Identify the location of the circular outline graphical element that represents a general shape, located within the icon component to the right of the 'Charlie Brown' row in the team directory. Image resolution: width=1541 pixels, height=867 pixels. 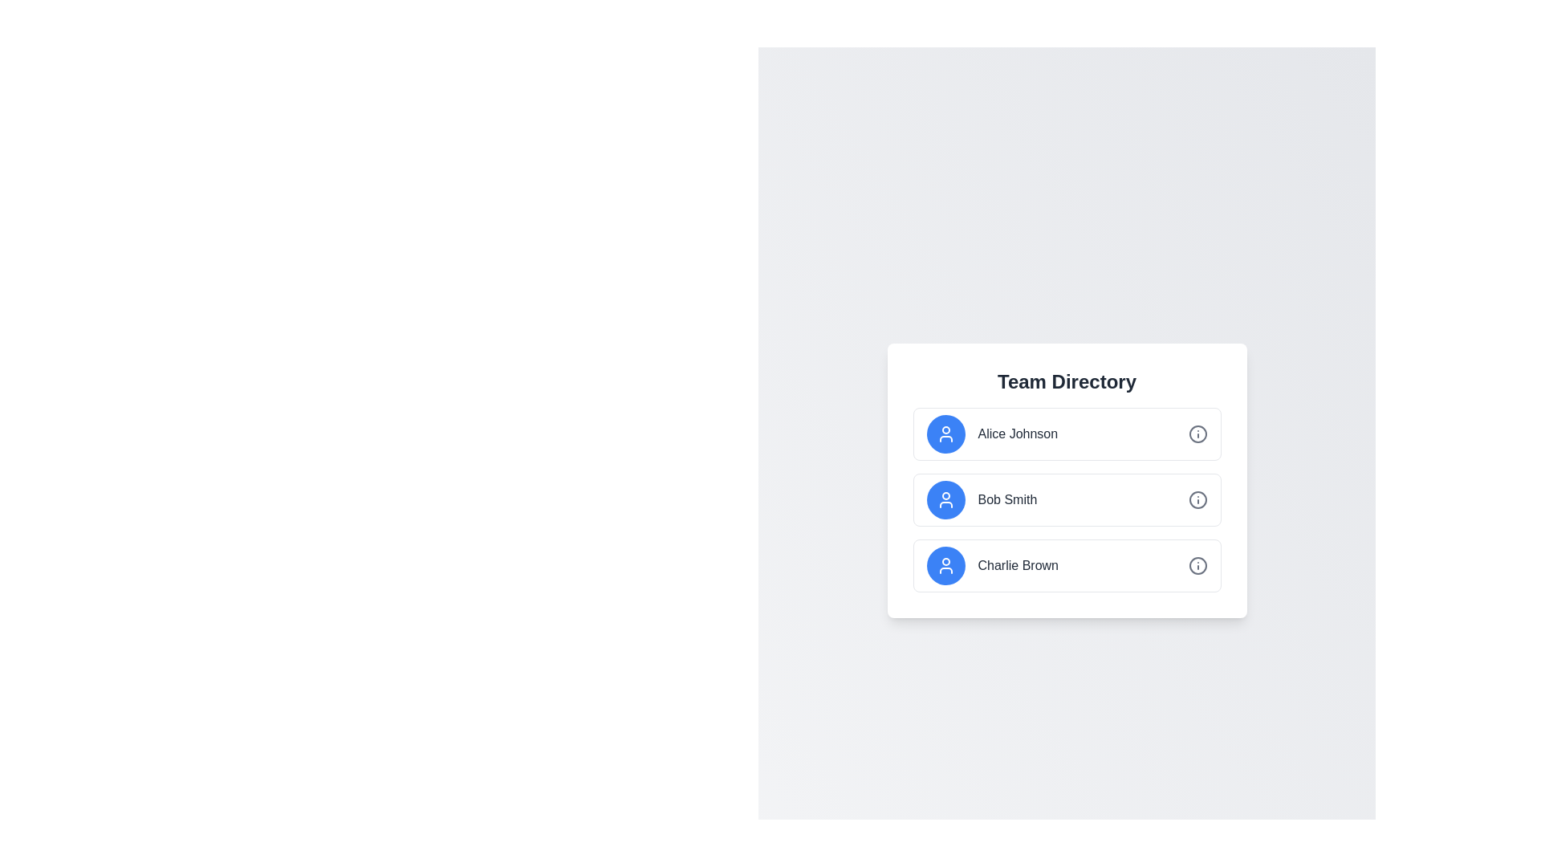
(1197, 565).